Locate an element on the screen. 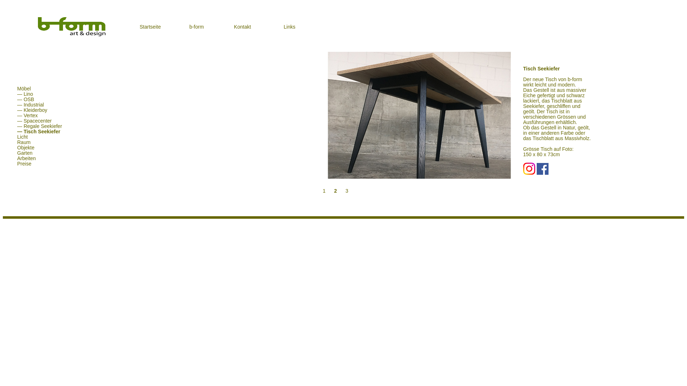 The height and width of the screenshot is (386, 687). '2' is located at coordinates (332, 190).